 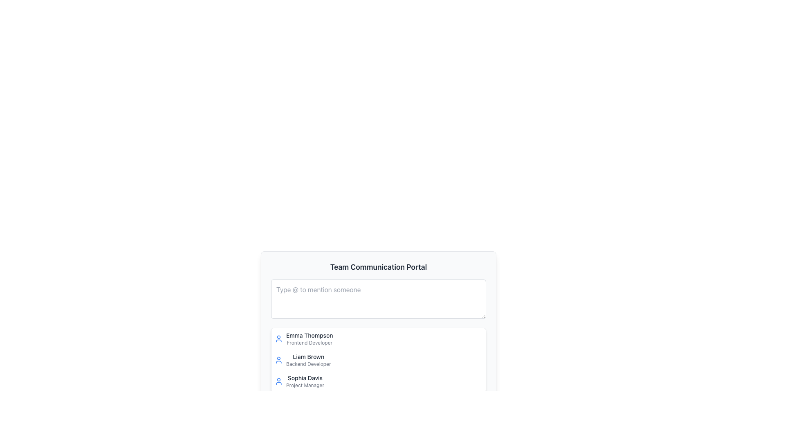 What do you see at coordinates (378, 359) in the screenshot?
I see `the user representation element which is the second item in the list, containing their name and job title` at bounding box center [378, 359].